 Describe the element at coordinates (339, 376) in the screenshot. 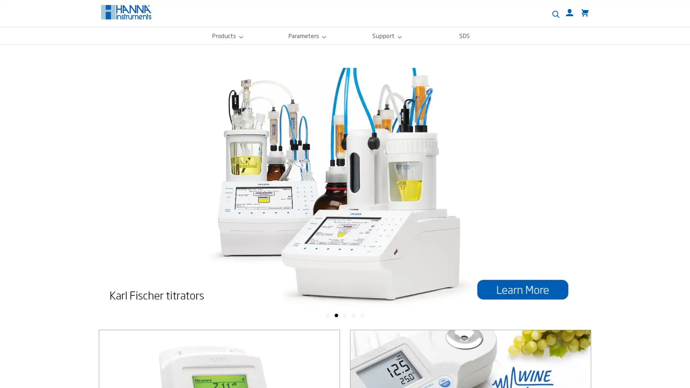

I see `Custom Settings` at that location.